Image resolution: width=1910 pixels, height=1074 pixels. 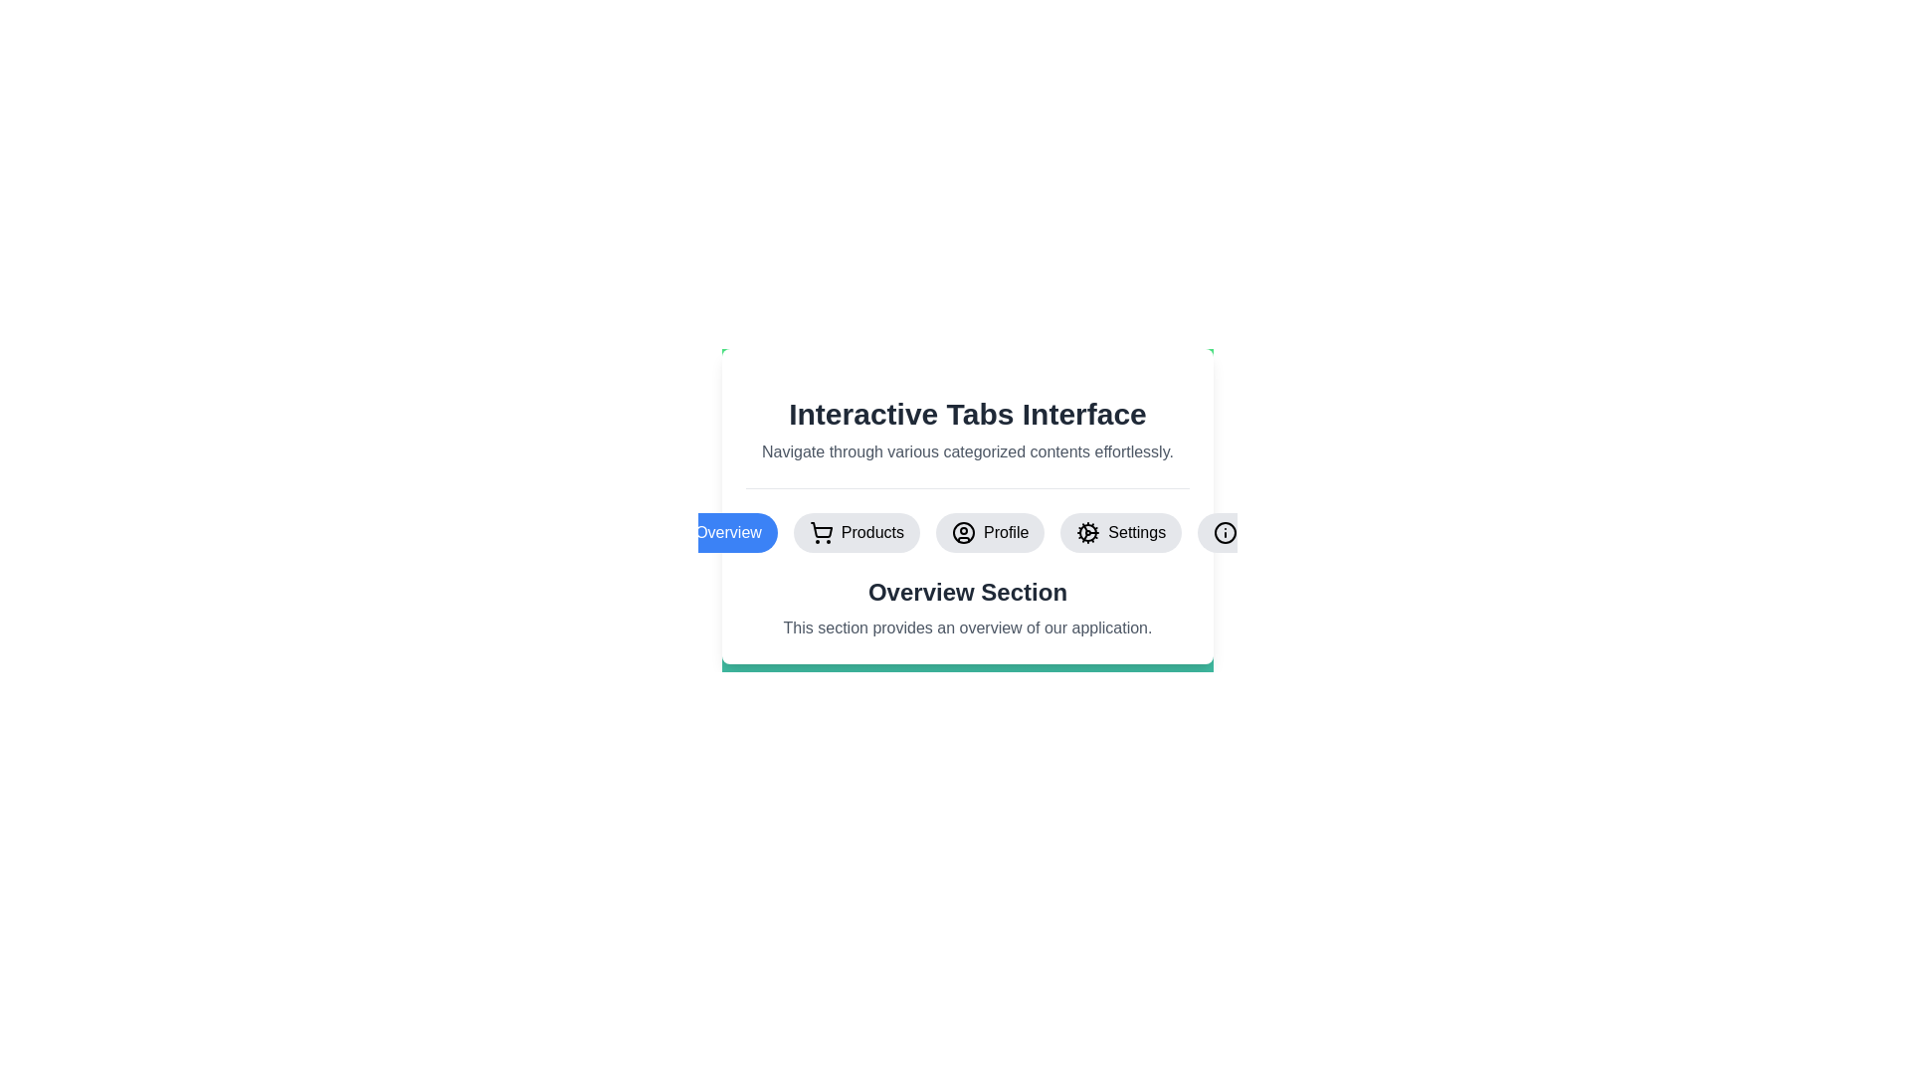 I want to click on the user profile icon located in the navigation section, adjacent to the 'Profile' label, so click(x=964, y=532).